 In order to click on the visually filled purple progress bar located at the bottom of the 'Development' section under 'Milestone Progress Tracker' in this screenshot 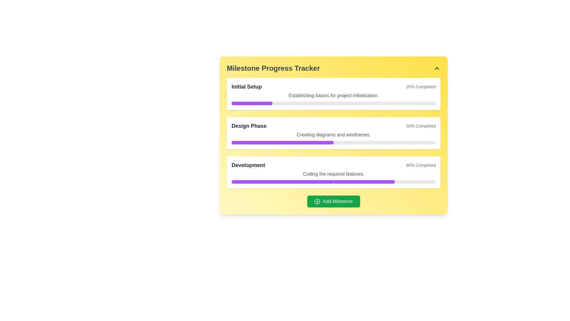, I will do `click(313, 182)`.